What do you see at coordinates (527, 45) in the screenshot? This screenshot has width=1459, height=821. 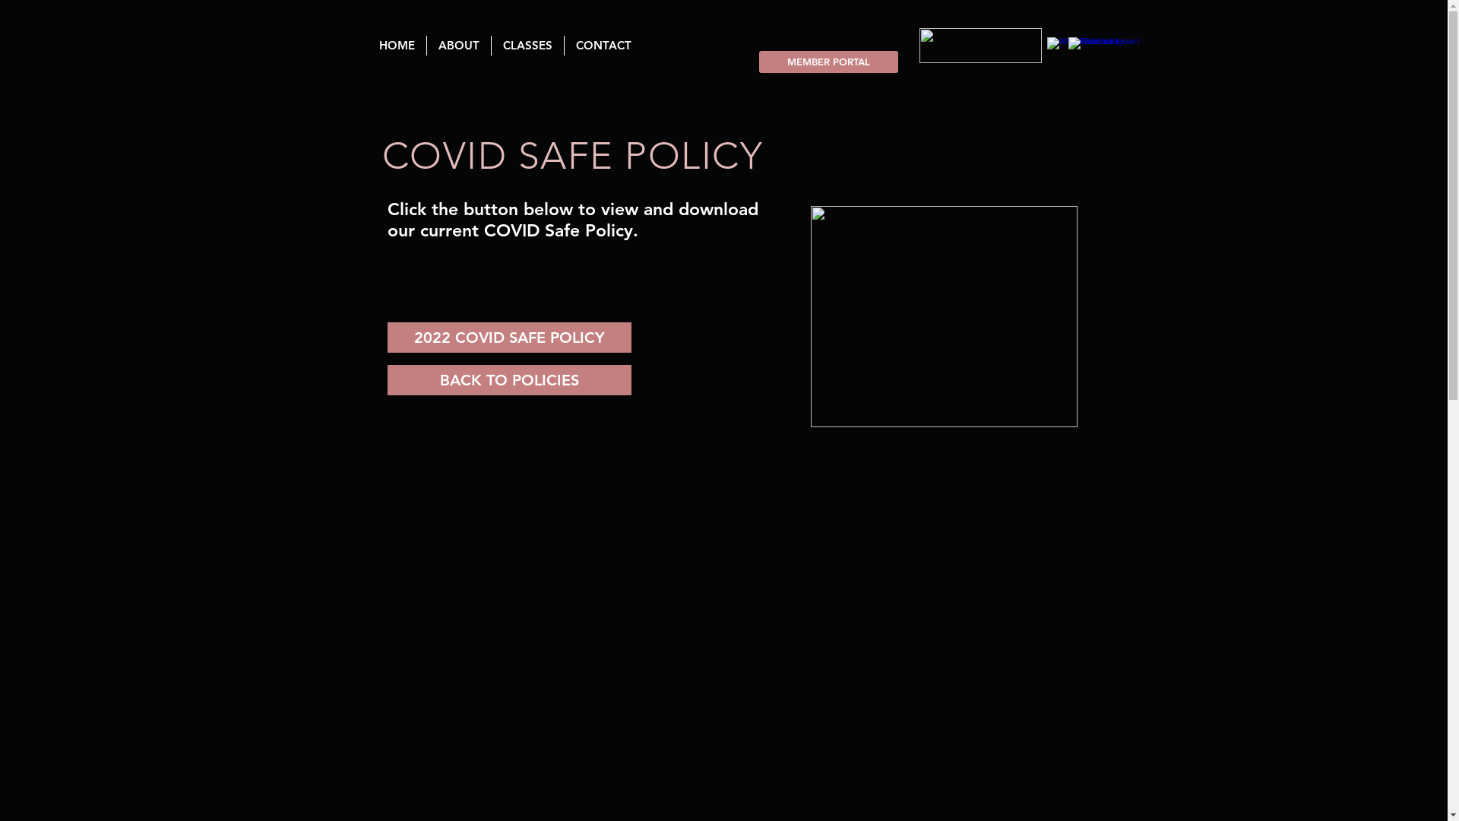 I see `'CLASSES'` at bounding box center [527, 45].